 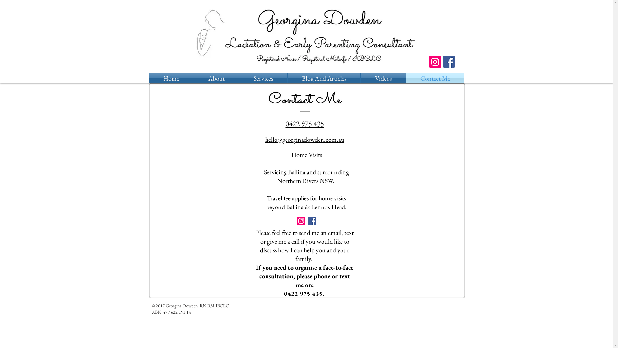 What do you see at coordinates (304, 140) in the screenshot?
I see `'hello@georginadowden.com.au'` at bounding box center [304, 140].